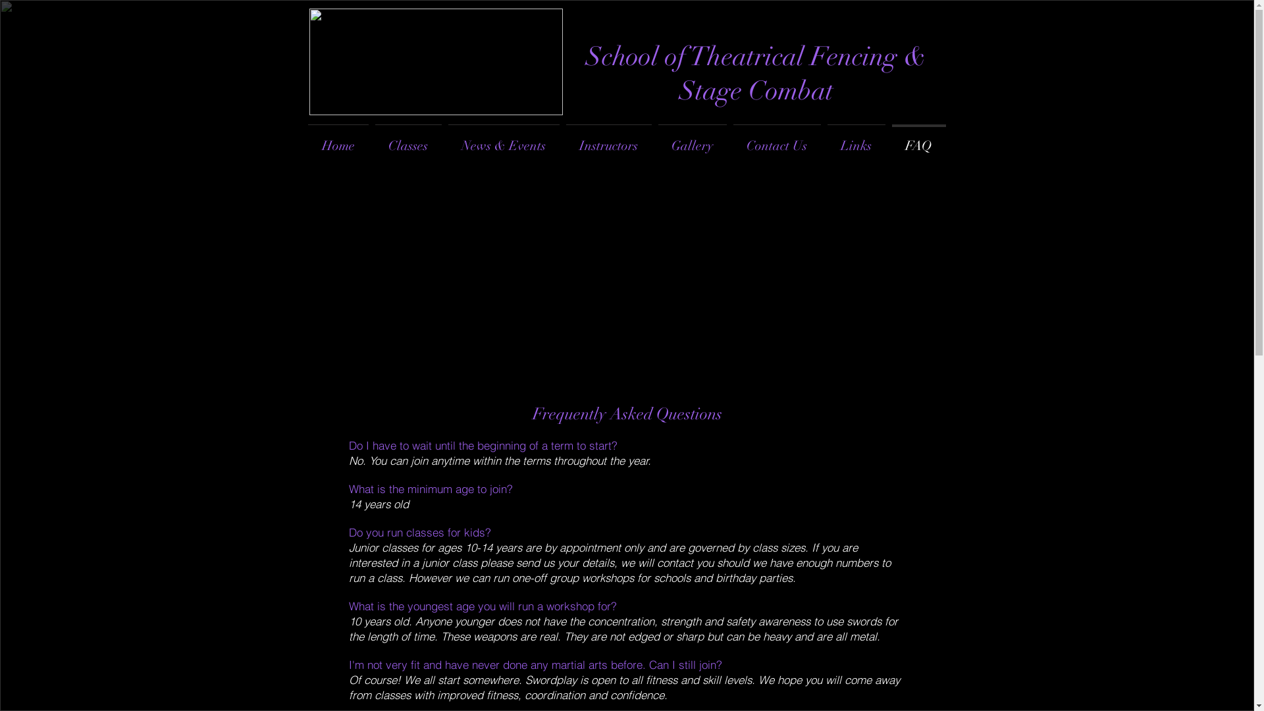 The image size is (1264, 711). What do you see at coordinates (607, 140) in the screenshot?
I see `'Instructors'` at bounding box center [607, 140].